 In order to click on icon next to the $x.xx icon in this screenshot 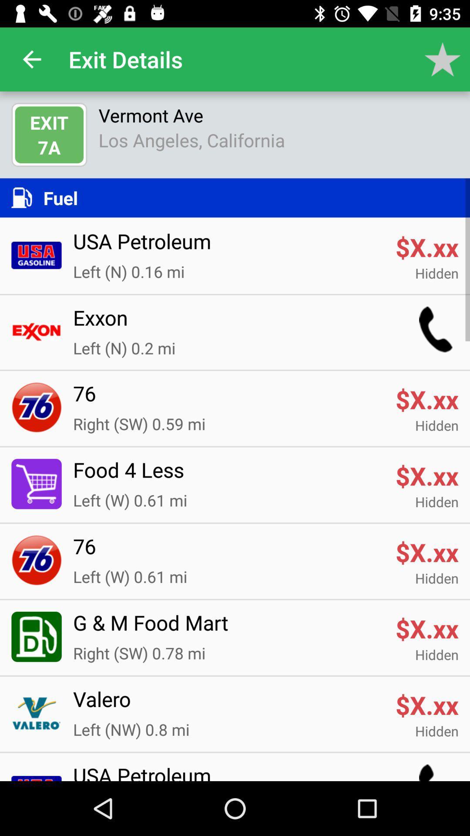, I will do `click(228, 705)`.